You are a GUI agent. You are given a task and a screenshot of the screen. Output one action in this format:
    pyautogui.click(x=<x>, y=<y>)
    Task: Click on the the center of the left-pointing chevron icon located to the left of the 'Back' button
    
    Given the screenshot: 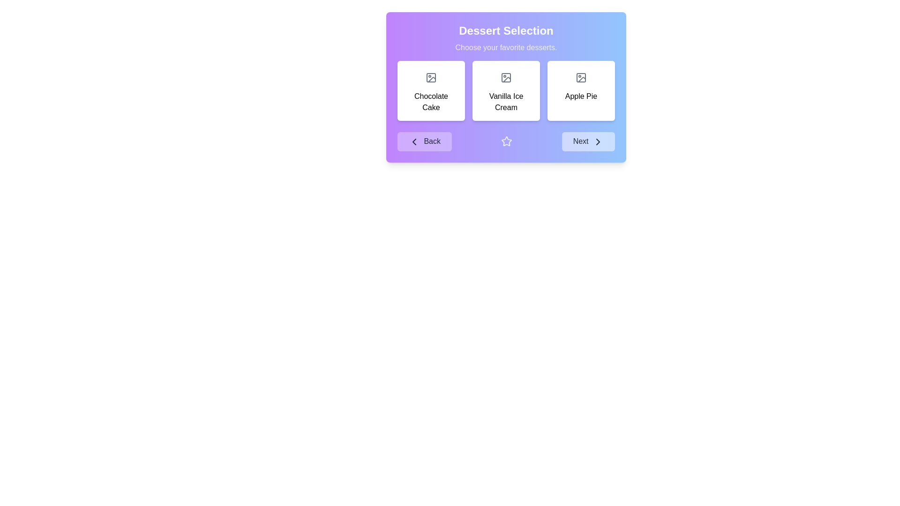 What is the action you would take?
    pyautogui.click(x=413, y=141)
    